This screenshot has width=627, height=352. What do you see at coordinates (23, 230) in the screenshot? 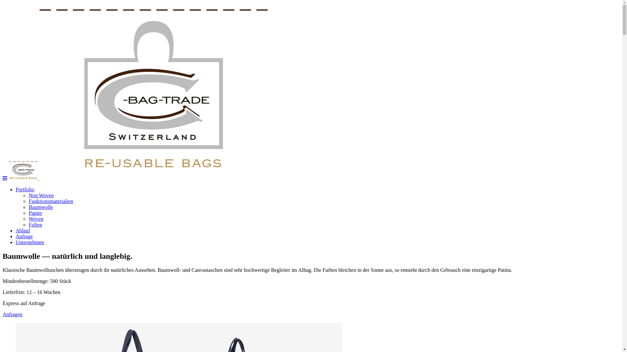
I see `'Ablauf'` at bounding box center [23, 230].